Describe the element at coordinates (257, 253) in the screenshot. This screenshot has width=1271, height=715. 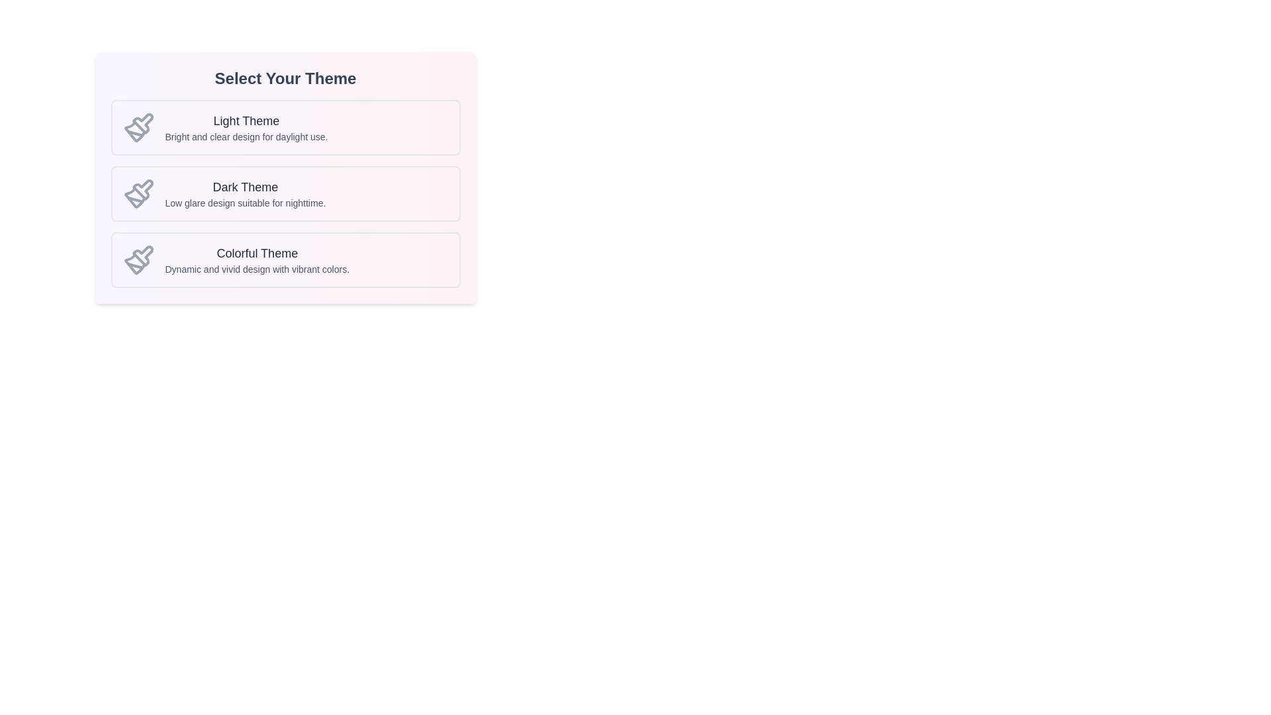
I see `the text label that serves as the title for the theme option, located at the top of the third option box in the 'Select Your Theme' section` at that location.